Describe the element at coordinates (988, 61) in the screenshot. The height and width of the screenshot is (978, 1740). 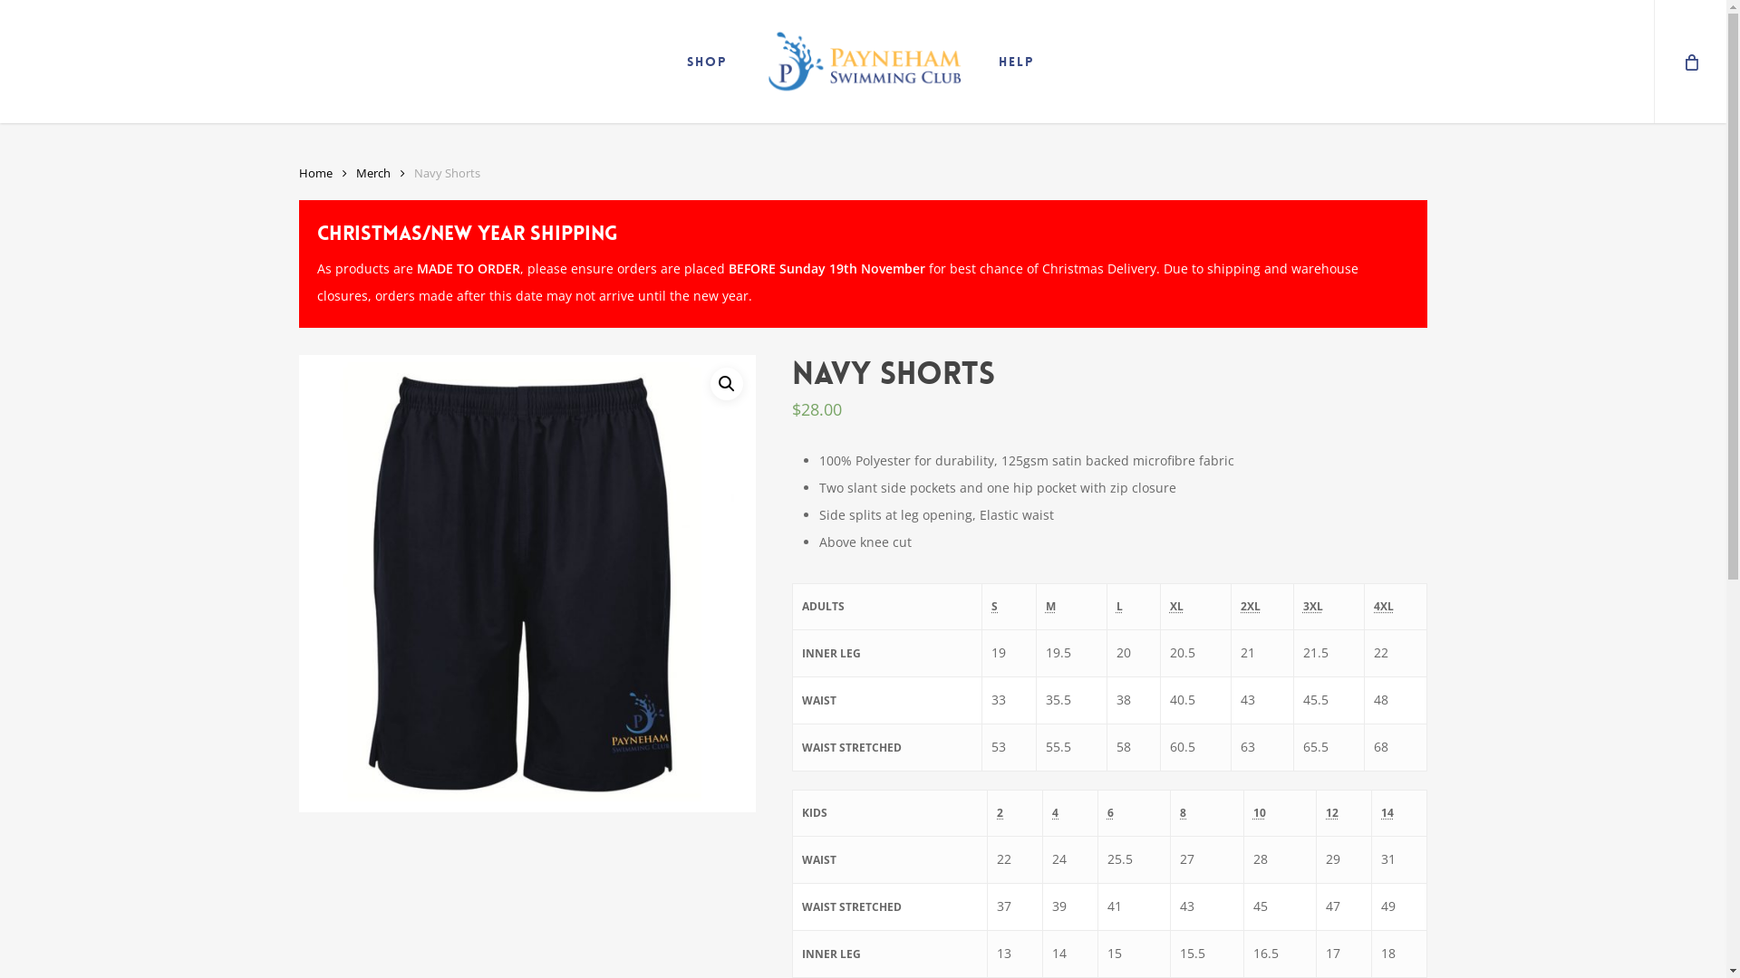
I see `'Help'` at that location.